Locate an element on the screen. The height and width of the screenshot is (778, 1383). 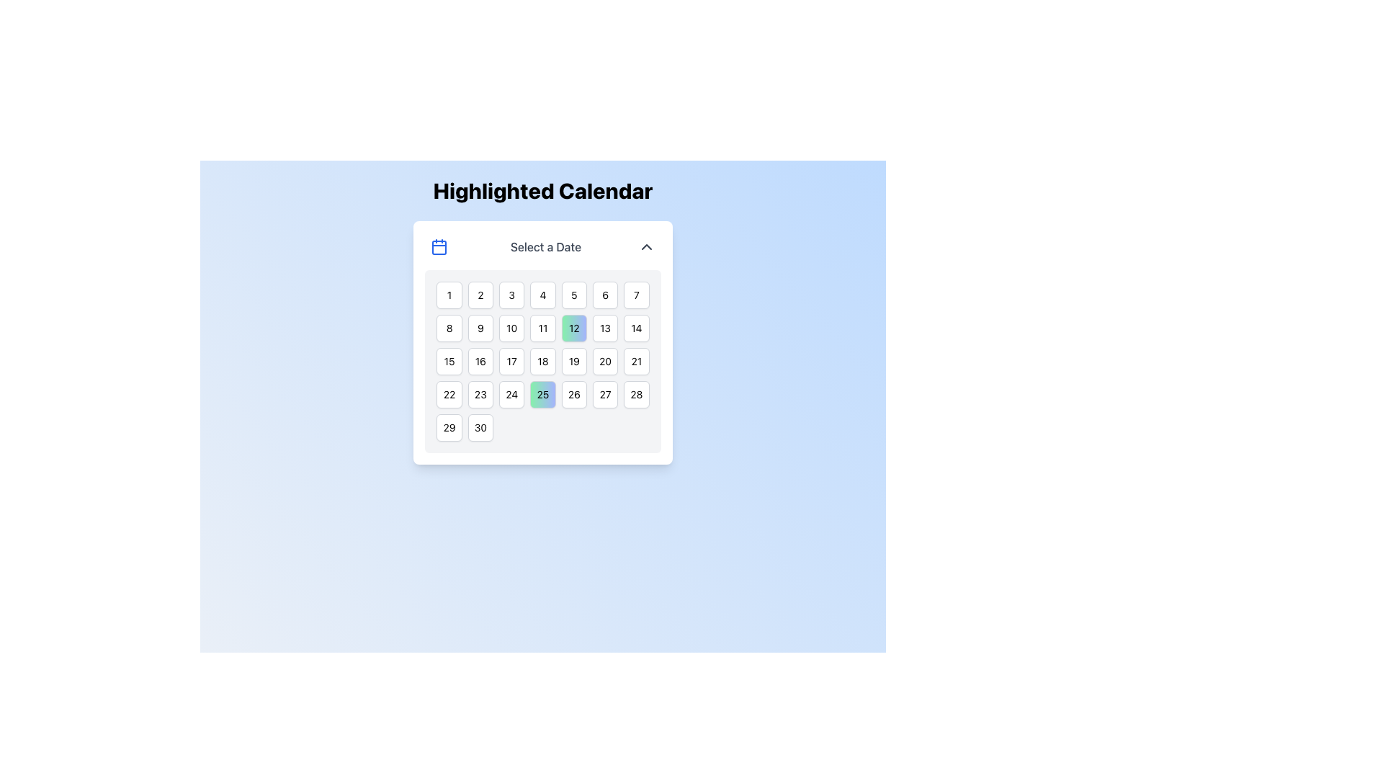
the selectable day button in the calendar grid is located at coordinates (605, 294).